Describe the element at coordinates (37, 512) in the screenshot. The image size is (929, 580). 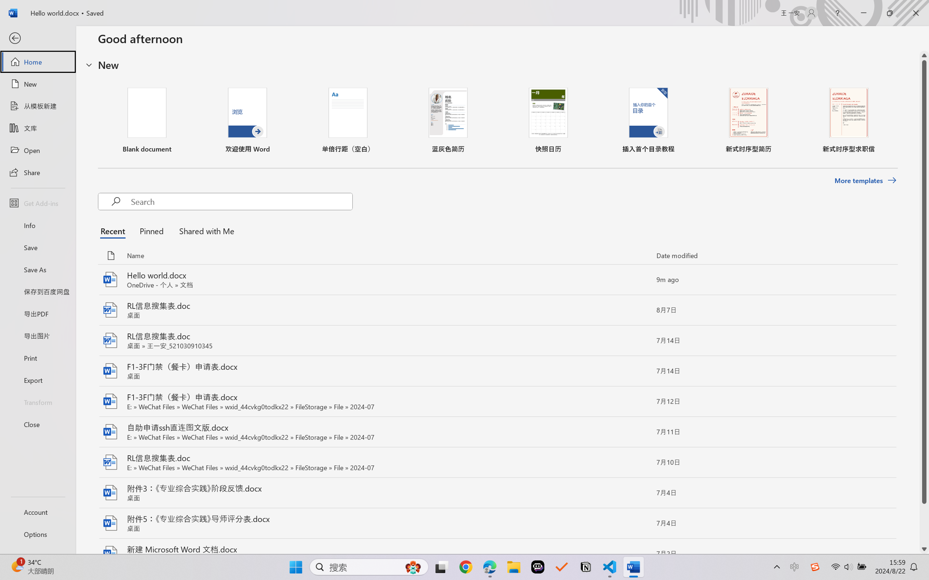
I see `'Account'` at that location.